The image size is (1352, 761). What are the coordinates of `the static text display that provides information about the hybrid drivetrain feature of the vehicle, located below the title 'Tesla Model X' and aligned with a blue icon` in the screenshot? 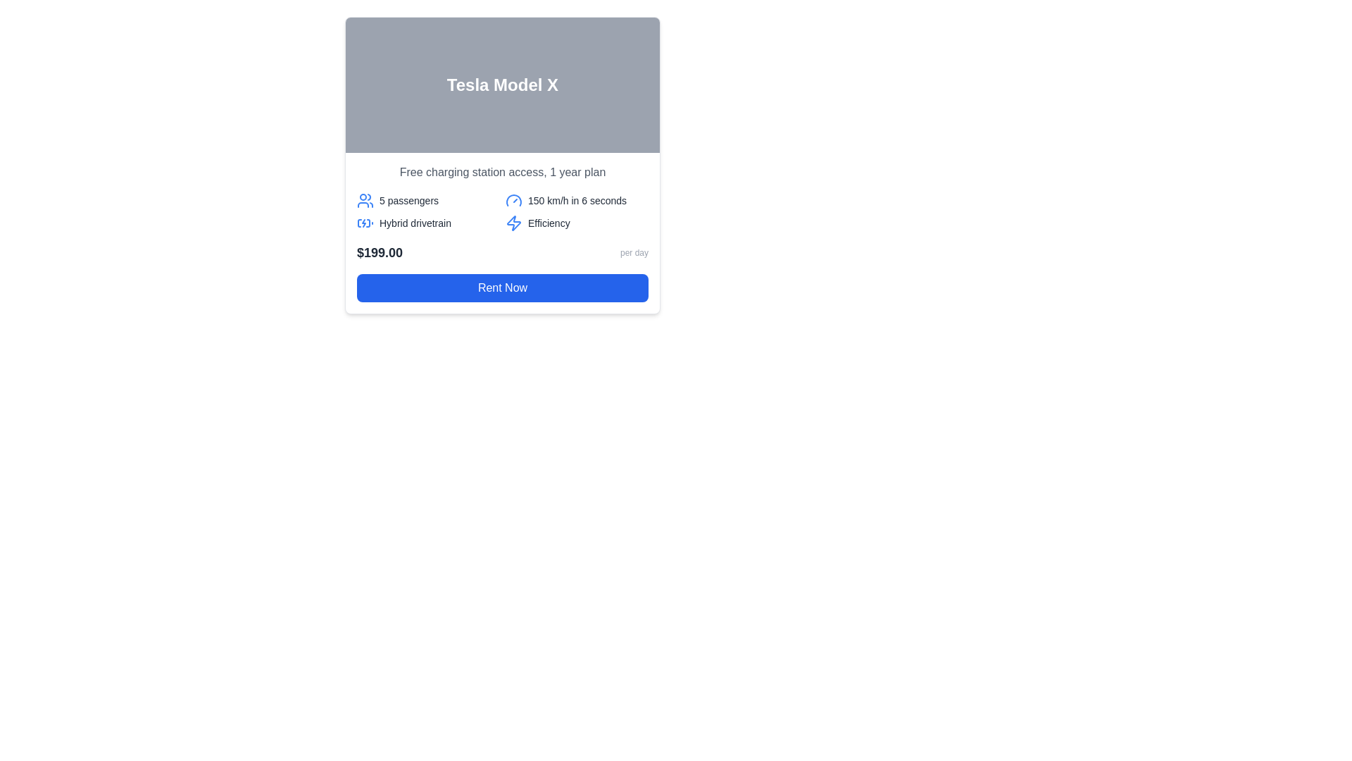 It's located at (415, 222).